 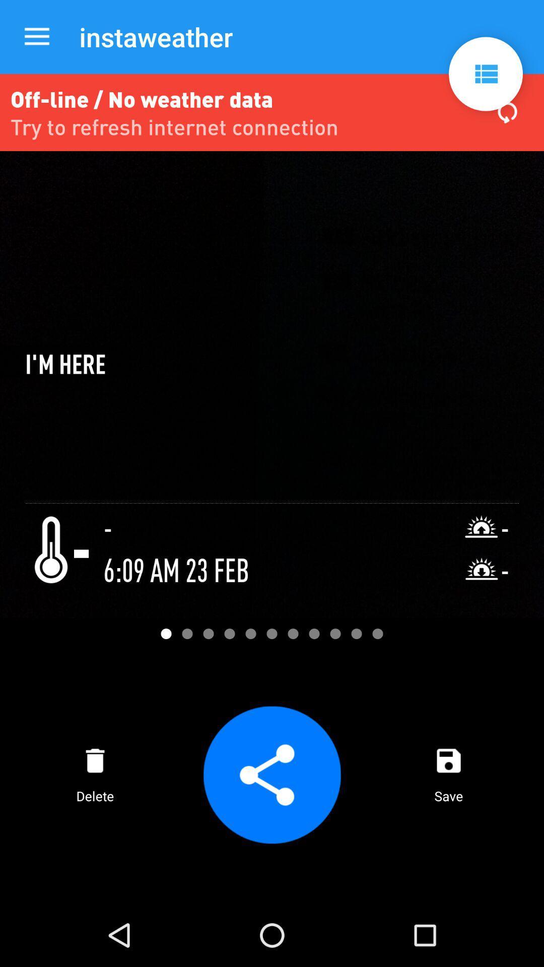 I want to click on the app to the left of instaweather icon, so click(x=36, y=37).